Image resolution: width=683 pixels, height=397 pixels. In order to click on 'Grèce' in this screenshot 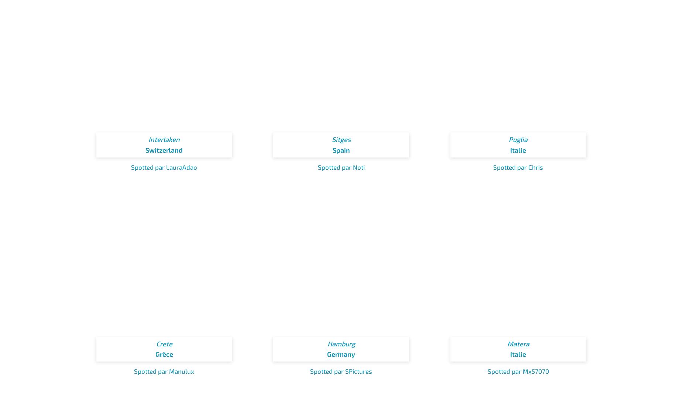, I will do `click(154, 354)`.